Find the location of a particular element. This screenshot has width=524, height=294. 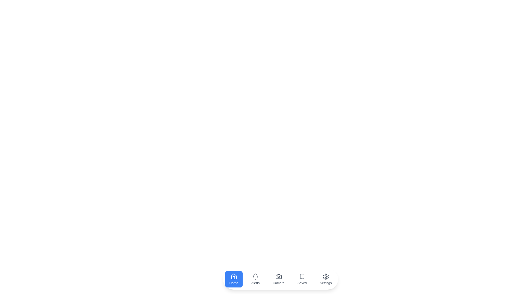

the Alerts icon in the bottom navigation bar is located at coordinates (255, 279).